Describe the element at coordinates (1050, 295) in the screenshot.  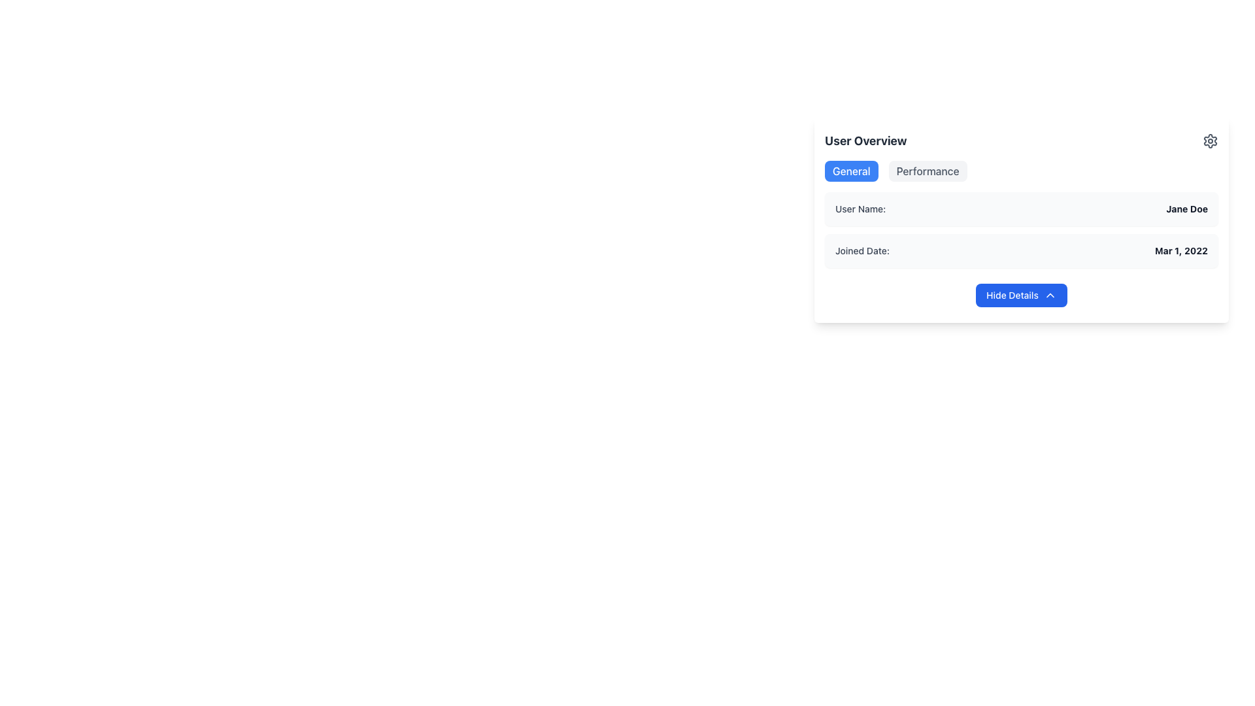
I see `the collapse functionality icon located at the right end of the 'Hide Details' button on the 'User Overview' card` at that location.